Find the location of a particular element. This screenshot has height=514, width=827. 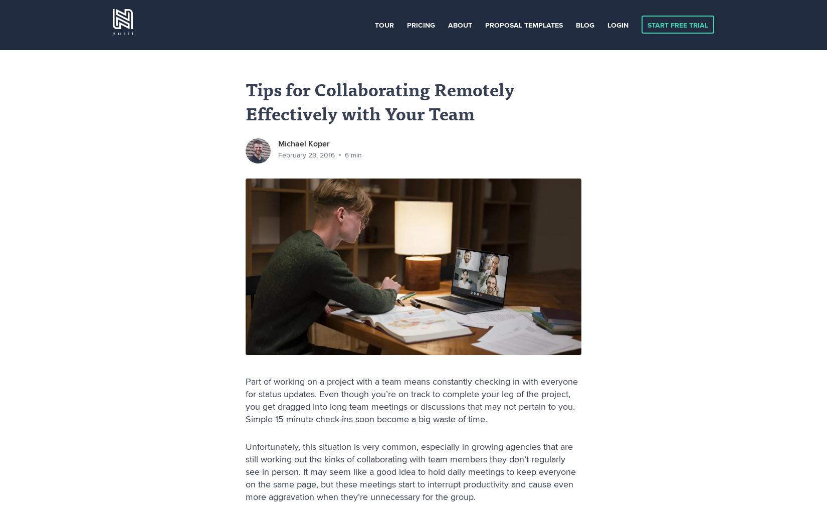

'Start Free Trial' is located at coordinates (677, 25).